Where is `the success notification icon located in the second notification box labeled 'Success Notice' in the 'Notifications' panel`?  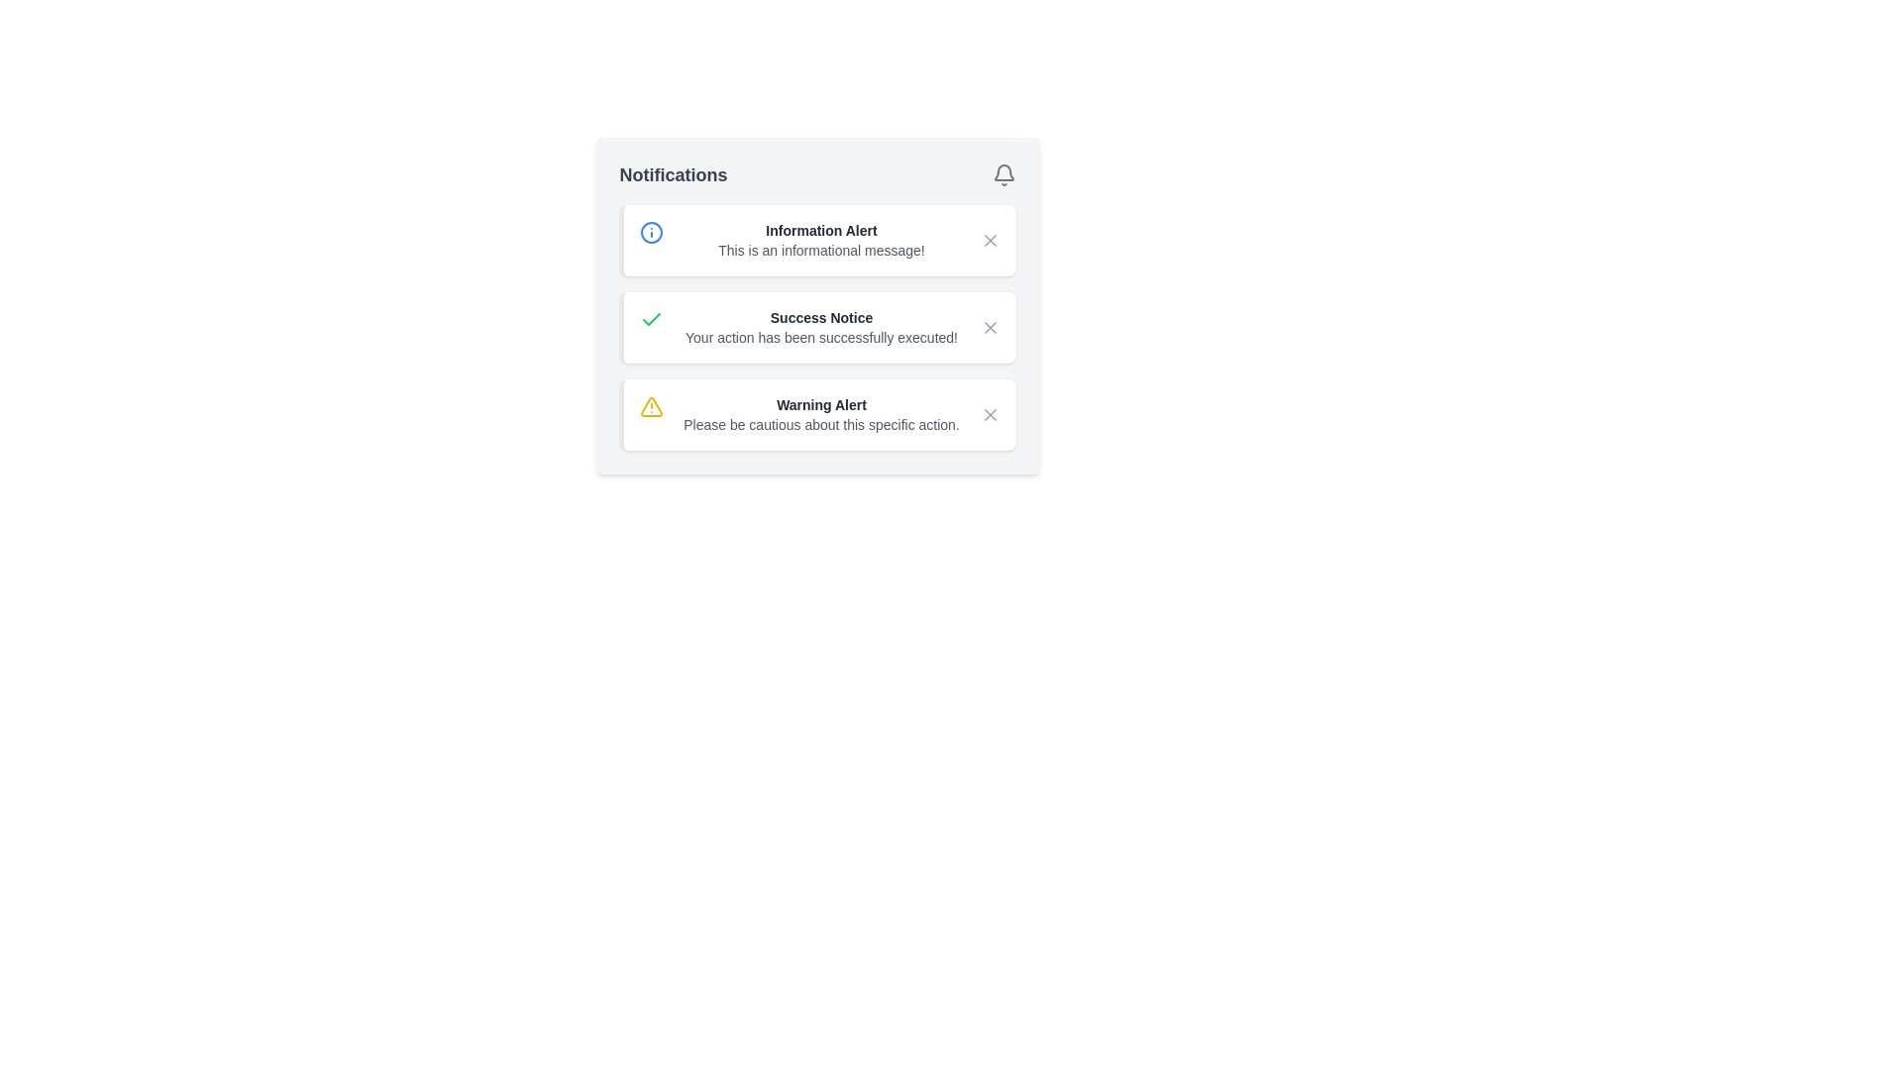
the success notification icon located in the second notification box labeled 'Success Notice' in the 'Notifications' panel is located at coordinates (651, 318).